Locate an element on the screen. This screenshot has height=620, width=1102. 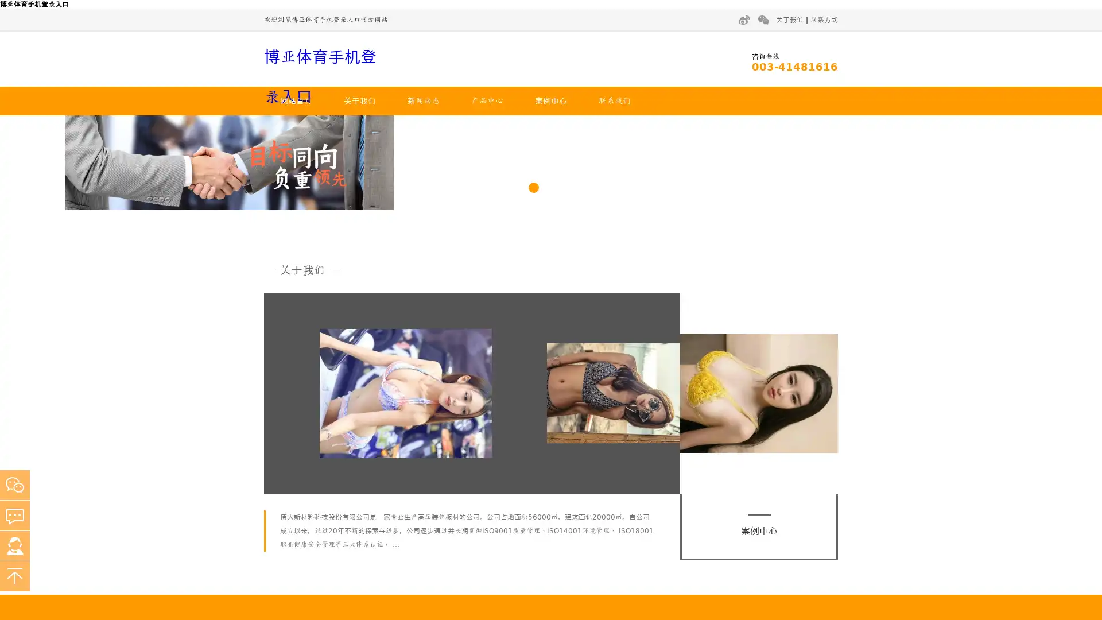
1 is located at coordinates (533, 319).